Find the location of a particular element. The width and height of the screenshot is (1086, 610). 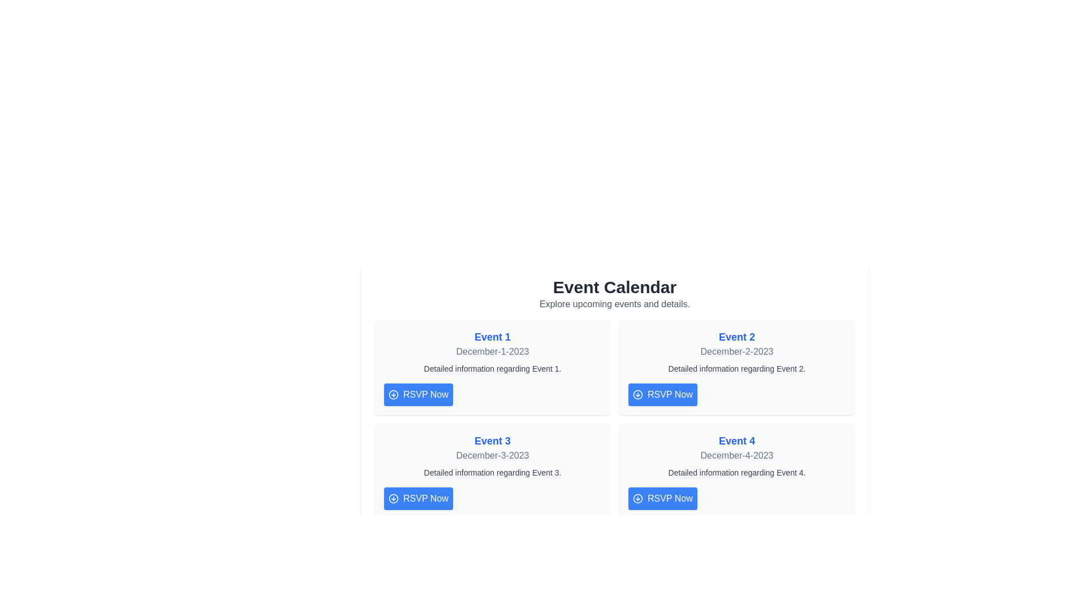

the decorative icon that emphasizes the RSVP action for Event 4, located centrally within the RSVP button of the fourth event card in the event calendar is located at coordinates (638, 498).